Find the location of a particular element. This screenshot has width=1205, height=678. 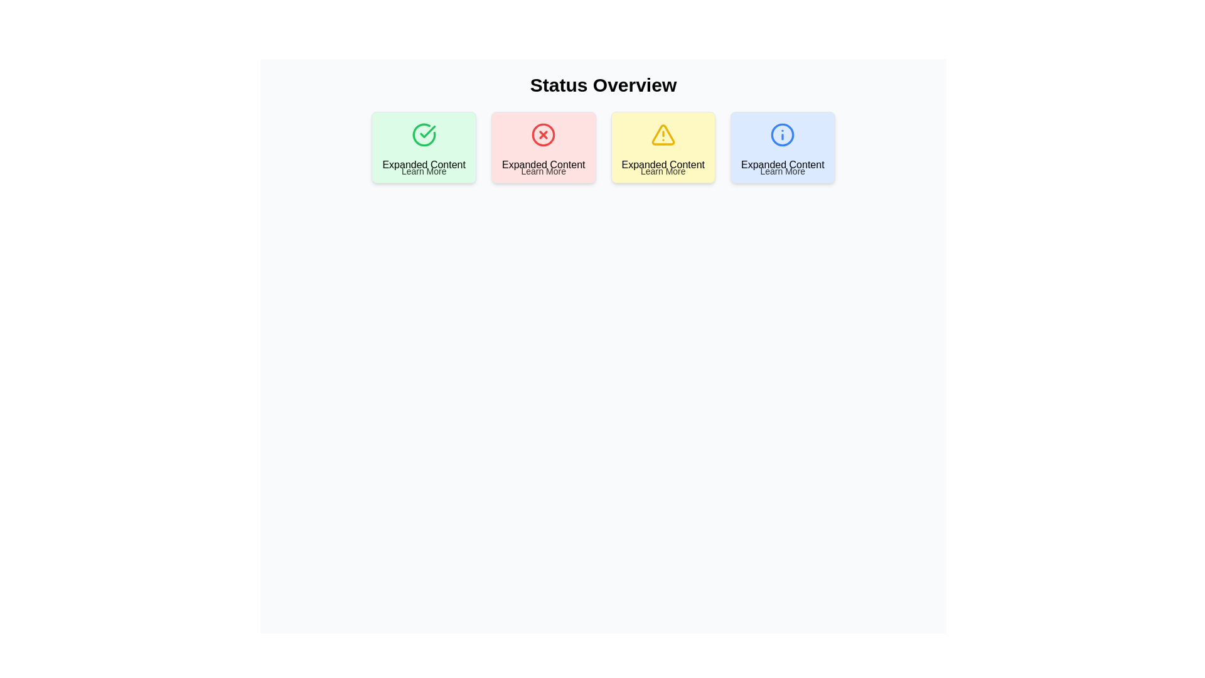

the text label that indicates the current status or category of the third card in the row, located below a warning icon is located at coordinates (662, 164).